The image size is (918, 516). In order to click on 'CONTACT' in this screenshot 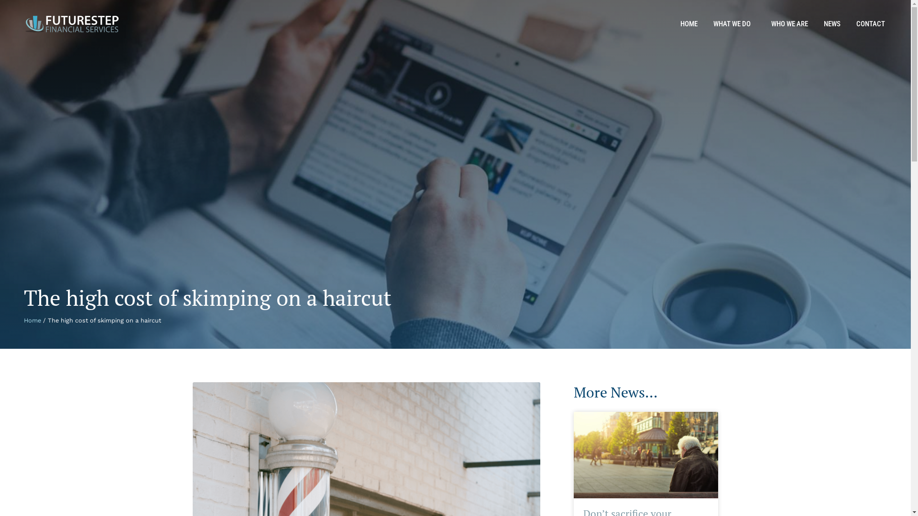, I will do `click(870, 23)`.